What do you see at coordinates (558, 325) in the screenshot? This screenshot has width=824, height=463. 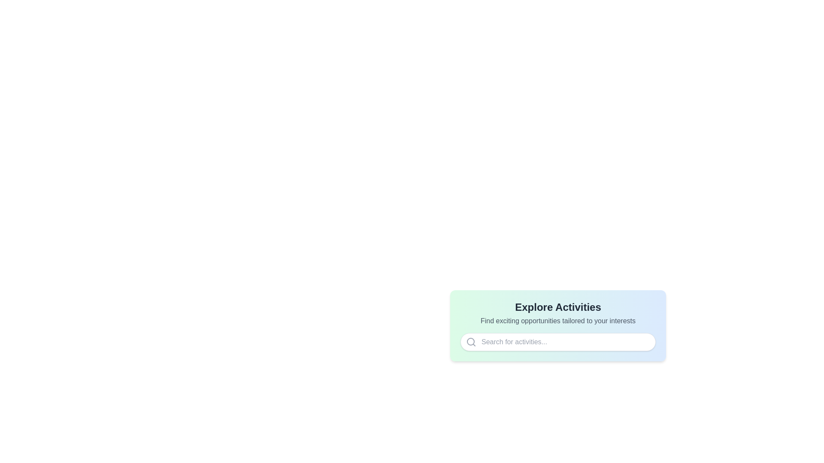 I see `the search input field within the 'Explore Activities' section by clicking on it` at bounding box center [558, 325].